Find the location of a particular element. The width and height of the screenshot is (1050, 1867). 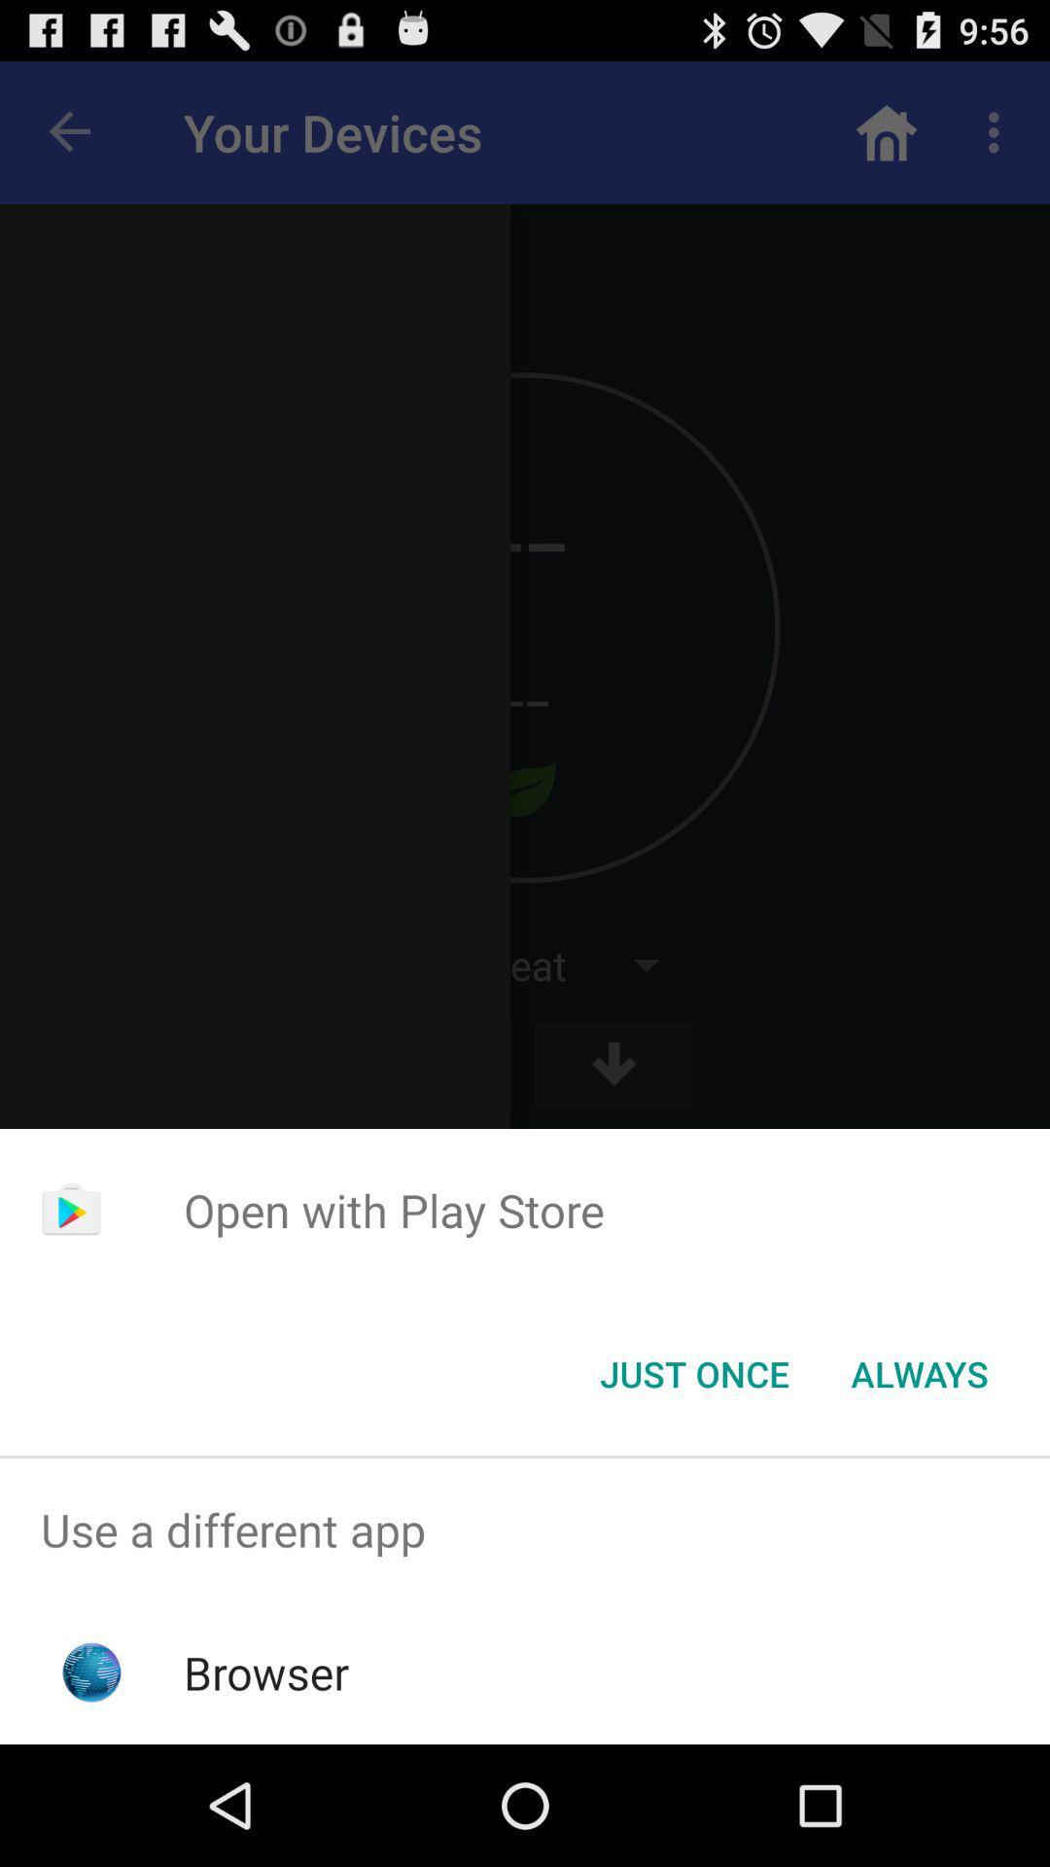

the app above browser app is located at coordinates (525, 1529).